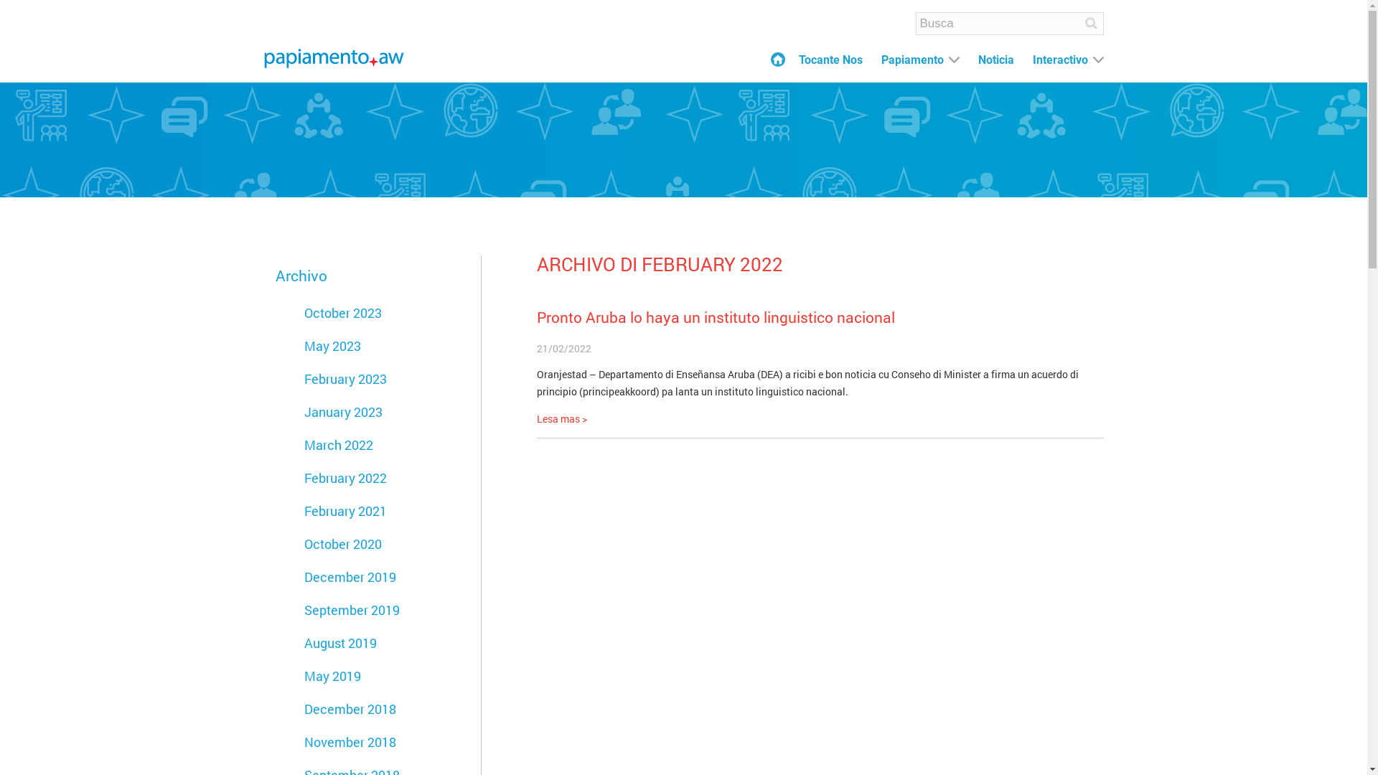 The width and height of the screenshot is (1378, 775). I want to click on 'Papiamento', so click(881, 60).